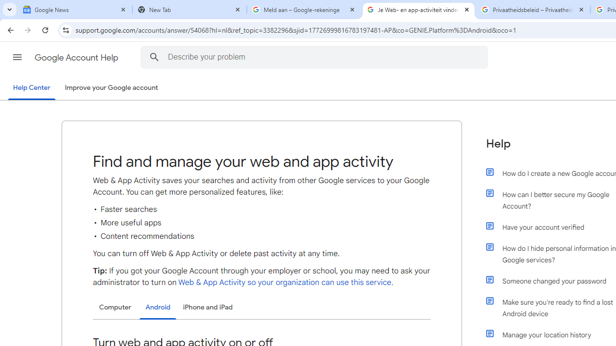 This screenshot has height=346, width=616. I want to click on 'Search tabs', so click(10, 10).